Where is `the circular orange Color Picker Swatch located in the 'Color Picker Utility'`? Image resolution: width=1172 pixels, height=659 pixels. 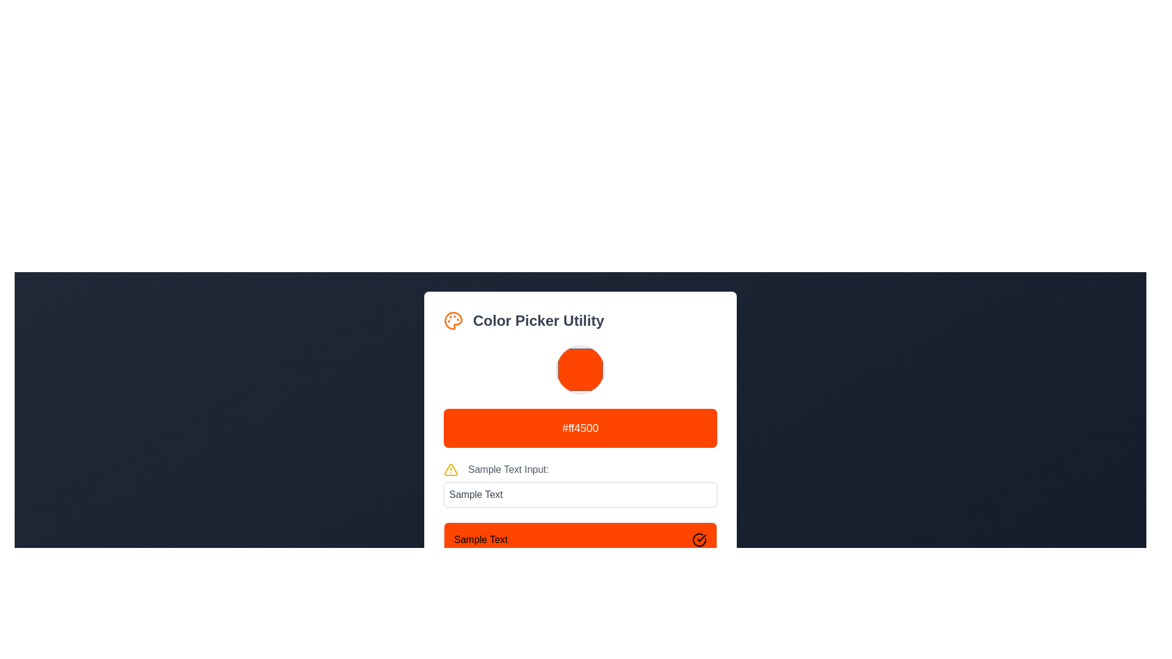 the circular orange Color Picker Swatch located in the 'Color Picker Utility' is located at coordinates (579, 369).